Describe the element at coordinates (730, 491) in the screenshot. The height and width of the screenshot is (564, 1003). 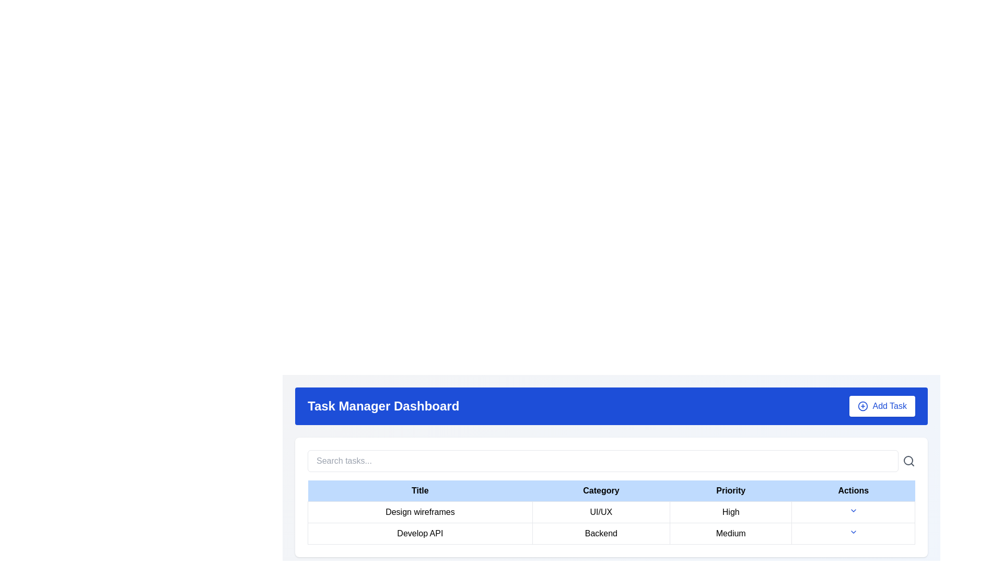
I see `the 'Priority' table header, which is the third column header in the table, located between 'Category' and 'Actions' on the dashboard interface` at that location.